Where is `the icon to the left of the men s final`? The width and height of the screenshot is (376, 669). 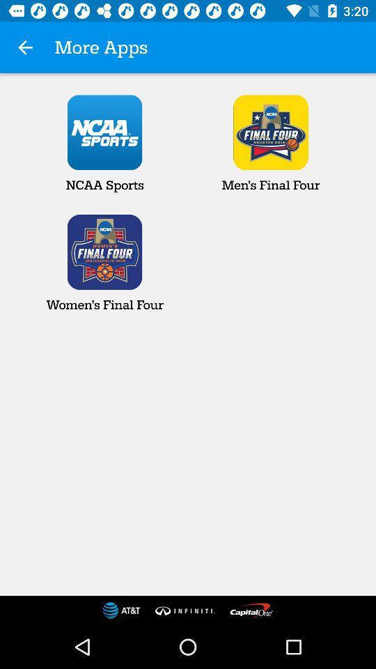
the icon to the left of the men s final is located at coordinates (104, 144).